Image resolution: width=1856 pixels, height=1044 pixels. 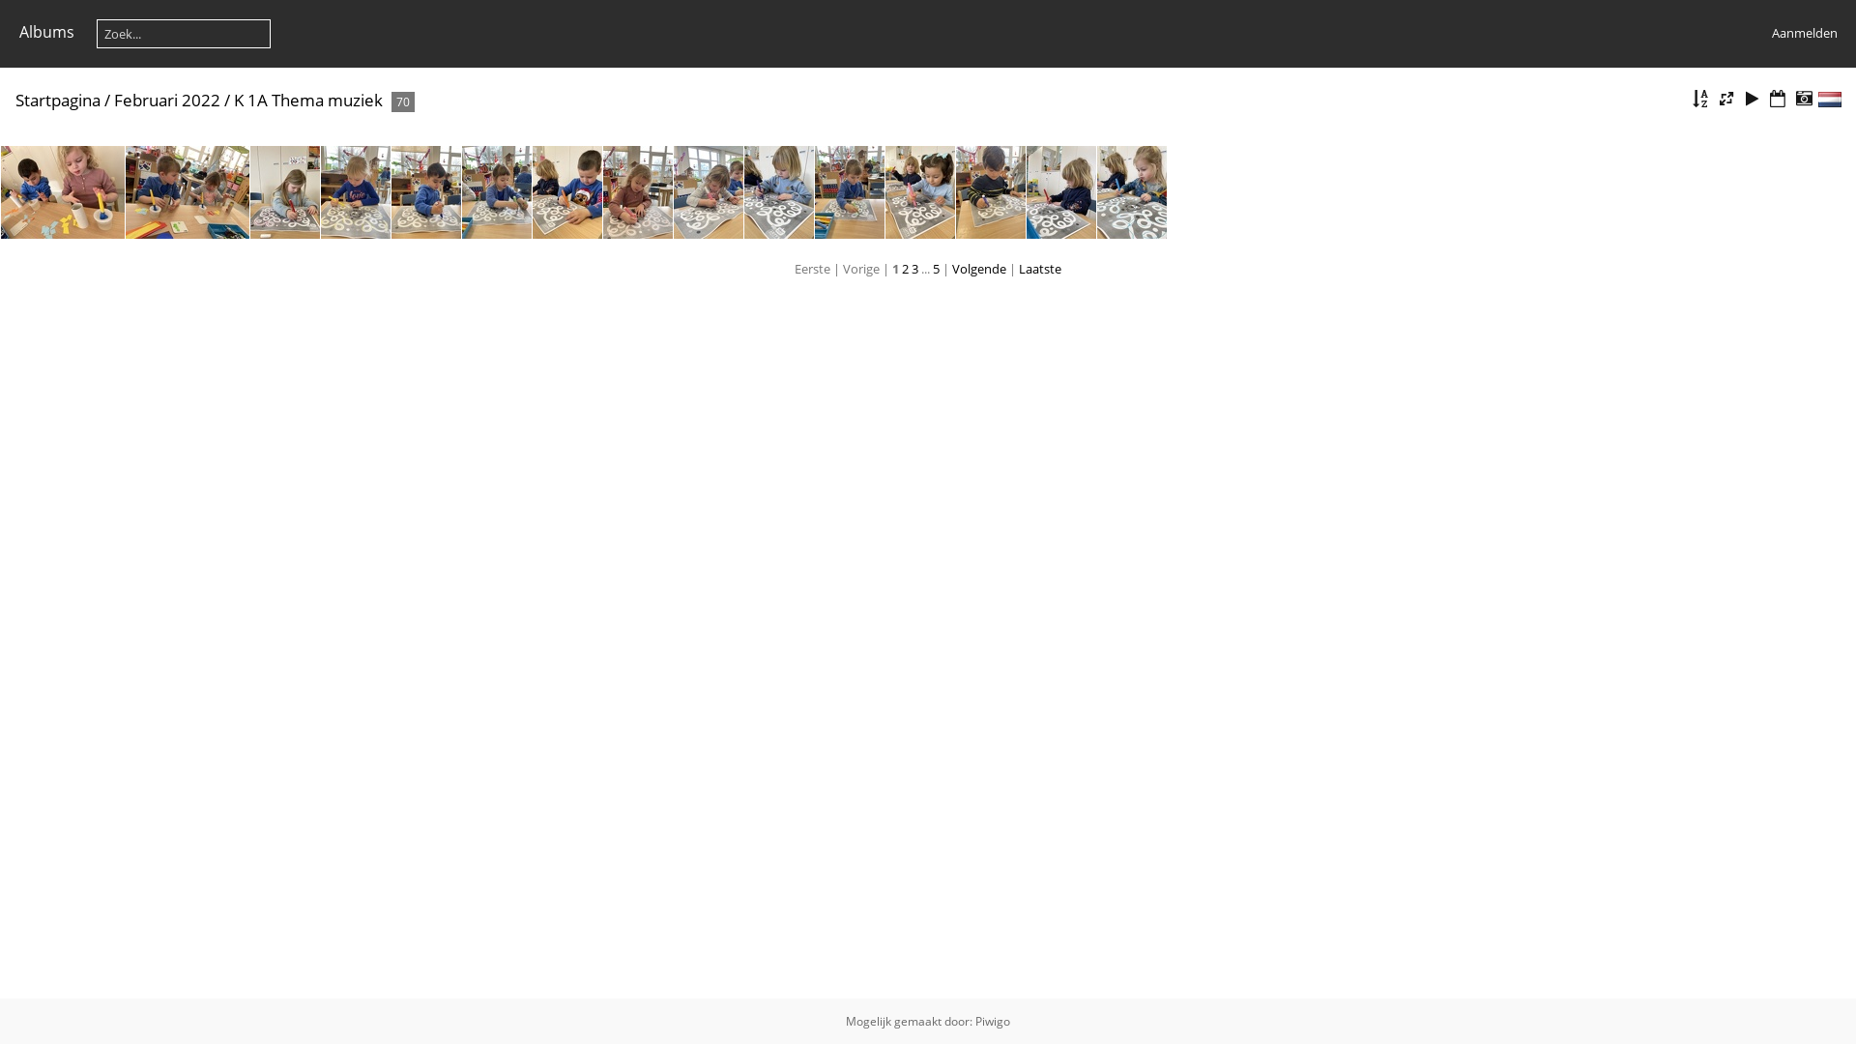 What do you see at coordinates (1803, 33) in the screenshot?
I see `'Aanmelden'` at bounding box center [1803, 33].